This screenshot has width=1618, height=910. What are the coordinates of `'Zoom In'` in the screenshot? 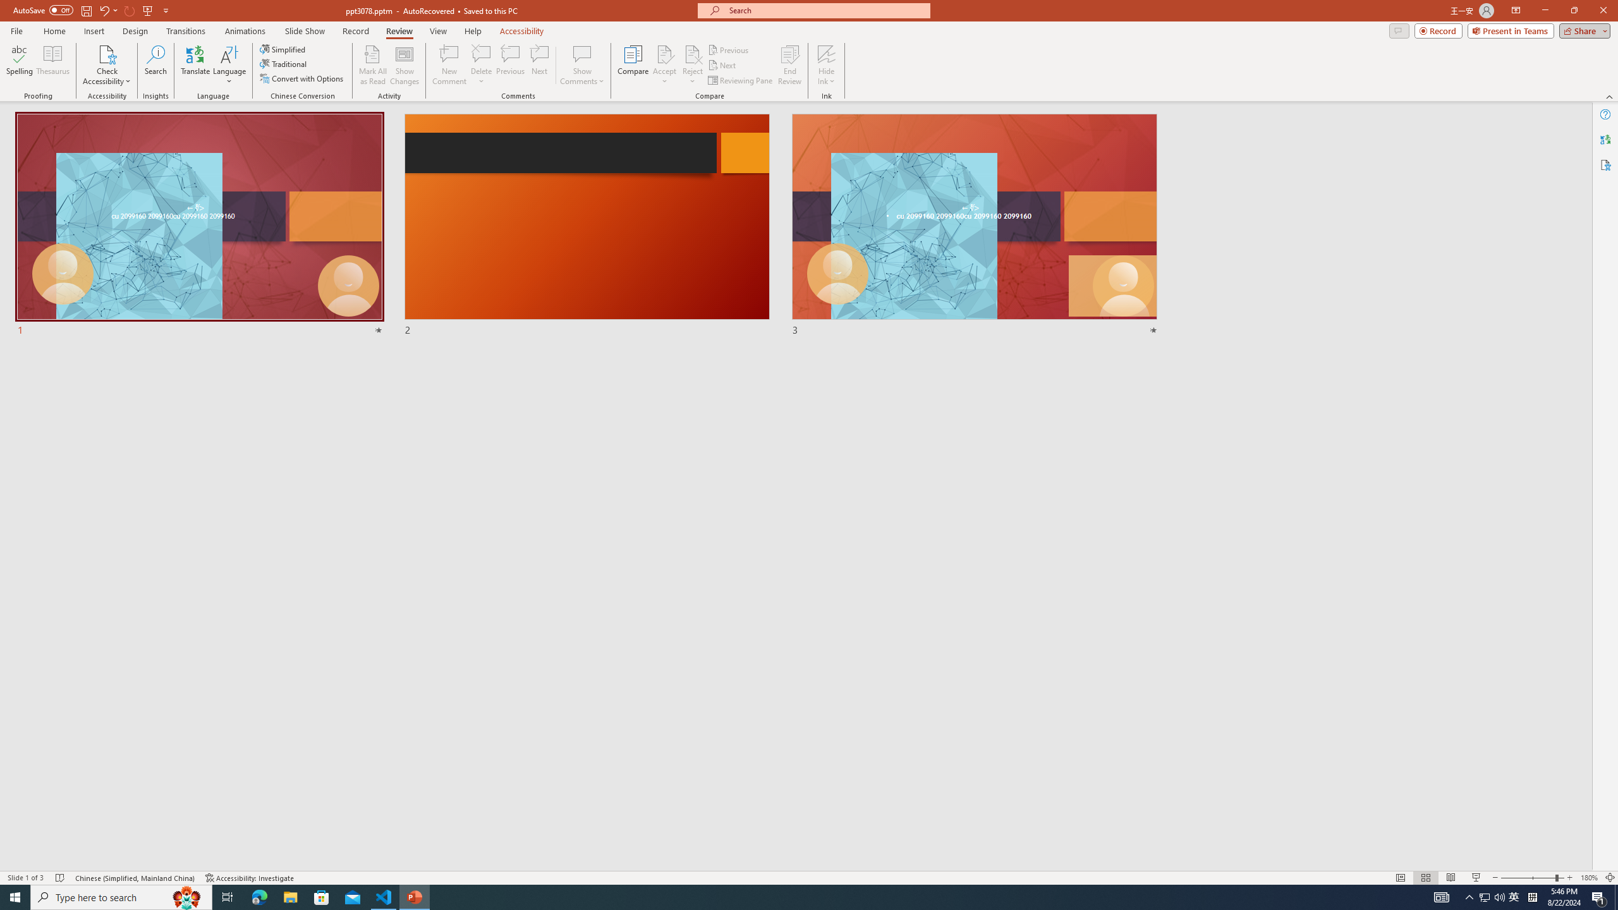 It's located at (1569, 878).